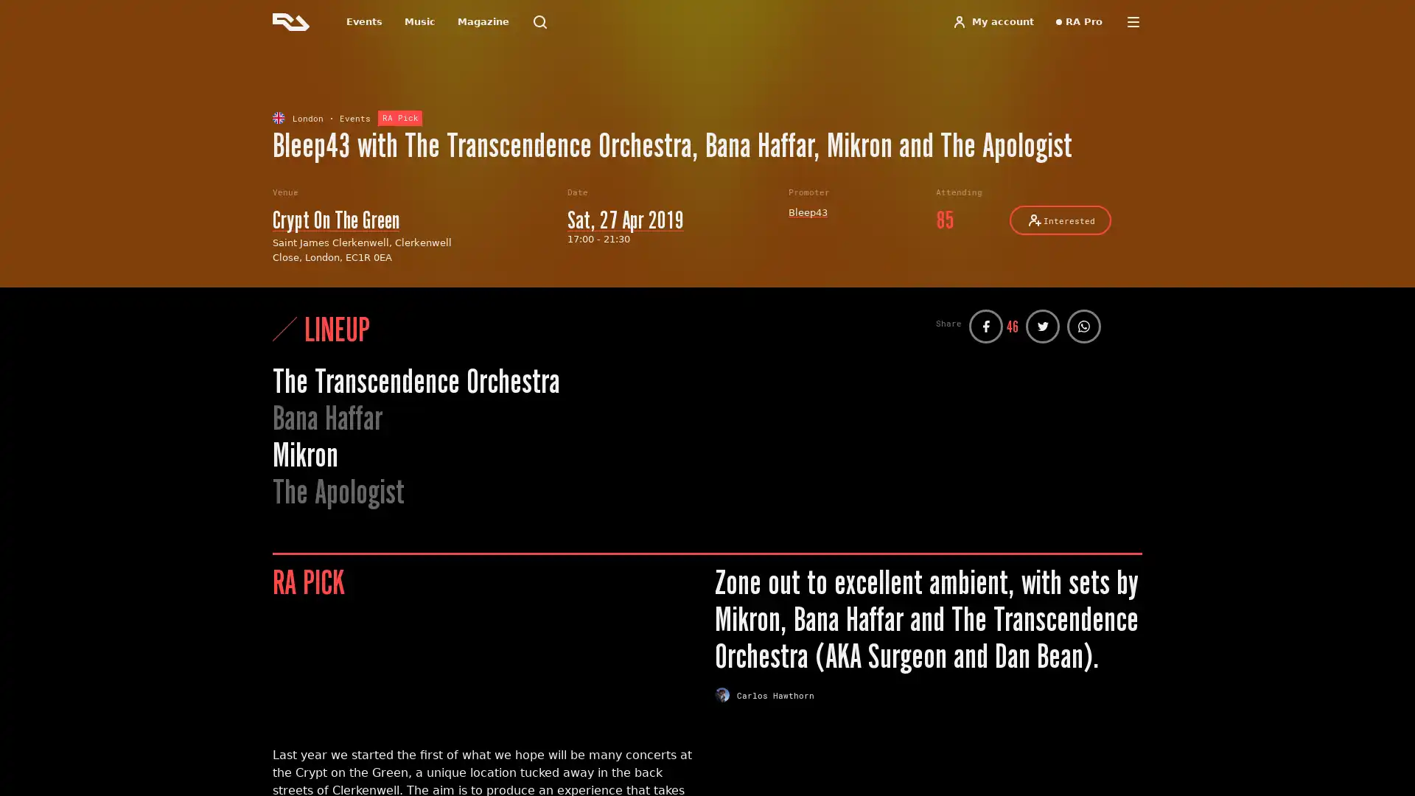  Describe the element at coordinates (1042, 326) in the screenshot. I see `twitter` at that location.